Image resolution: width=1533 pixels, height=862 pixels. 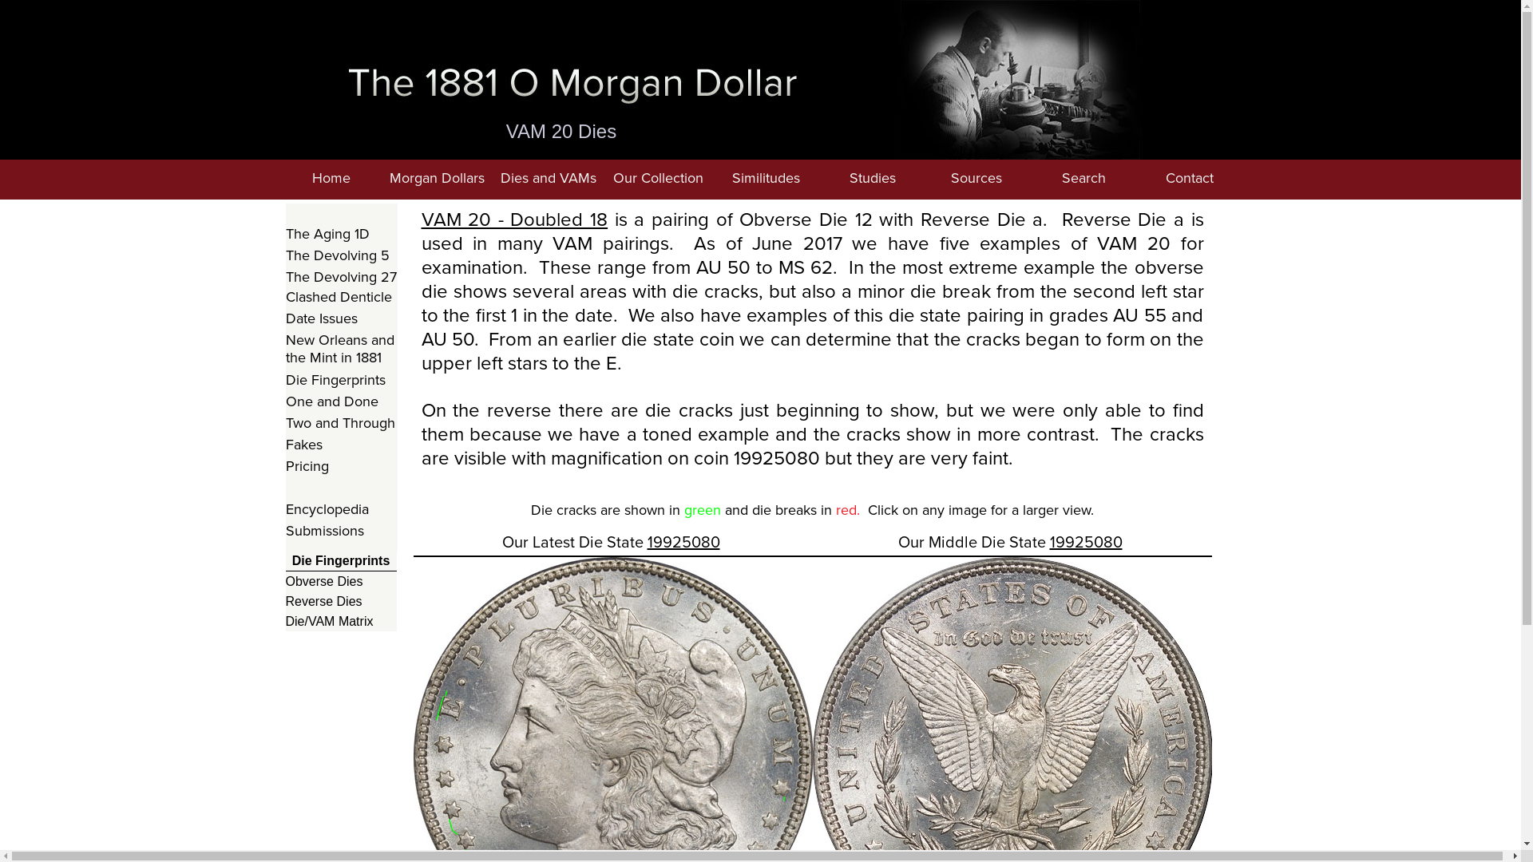 What do you see at coordinates (330, 179) in the screenshot?
I see `'Home'` at bounding box center [330, 179].